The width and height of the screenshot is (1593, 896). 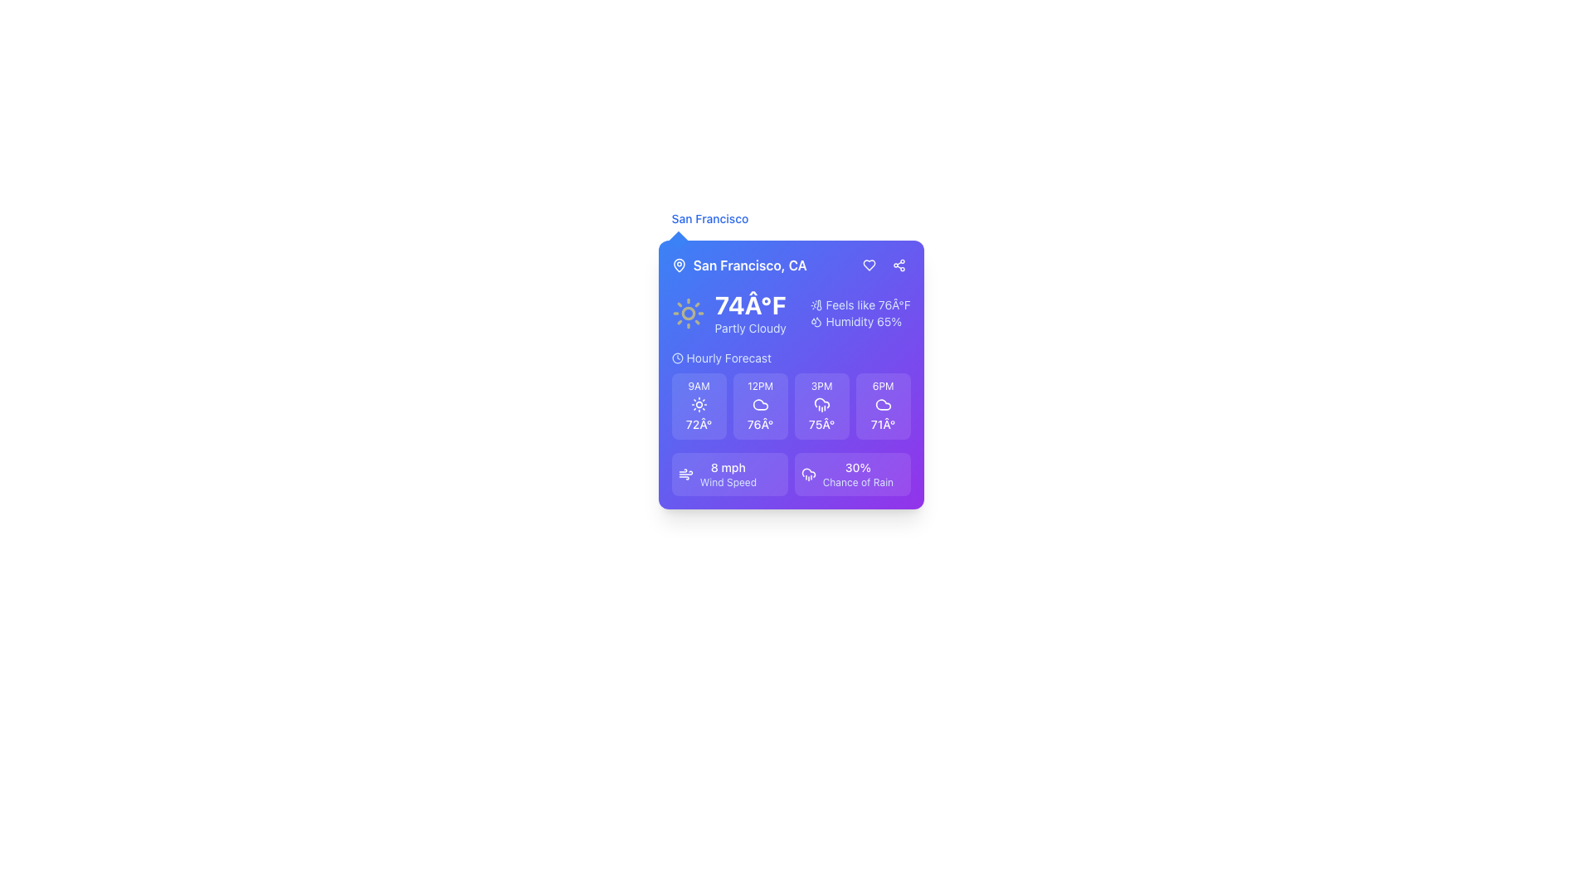 What do you see at coordinates (882, 424) in the screenshot?
I see `the text displaying '71°' in the weather forecast card, located in the bottom section of the 6PM forecast slot` at bounding box center [882, 424].